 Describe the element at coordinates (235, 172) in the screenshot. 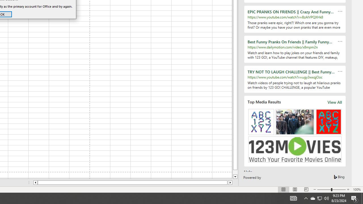

I see `'Page down'` at that location.